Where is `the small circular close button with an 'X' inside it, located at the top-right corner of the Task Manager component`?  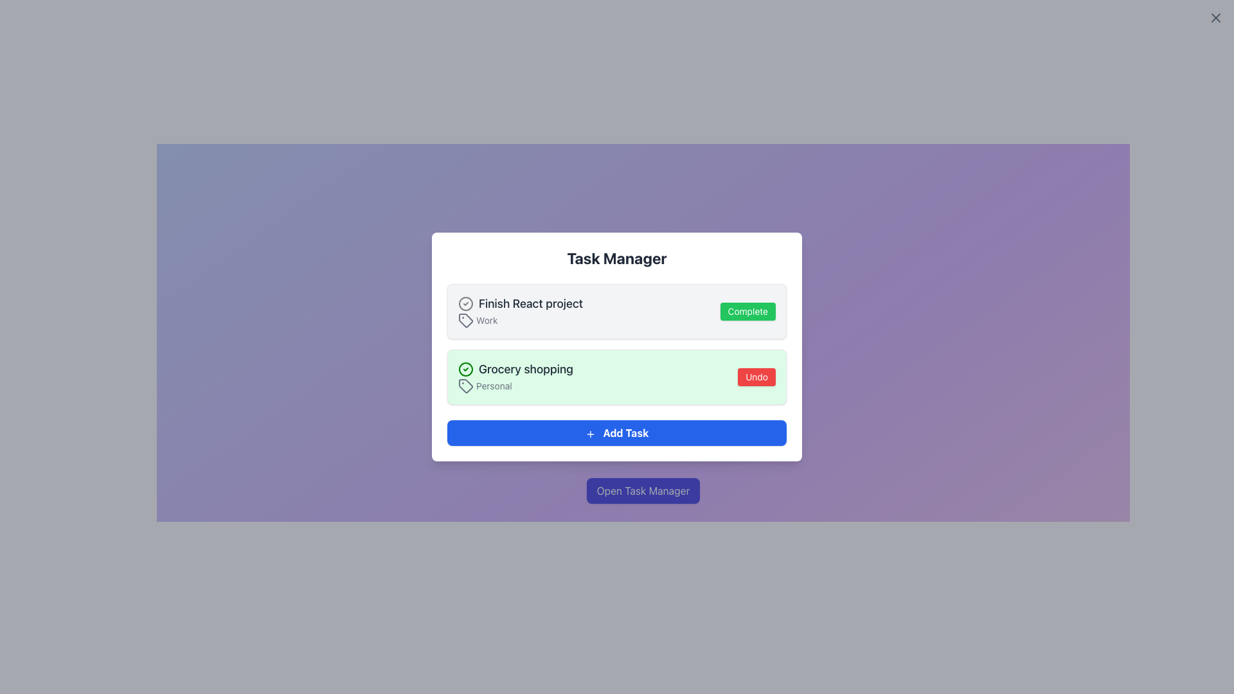 the small circular close button with an 'X' inside it, located at the top-right corner of the Task Manager component is located at coordinates (1215, 17).